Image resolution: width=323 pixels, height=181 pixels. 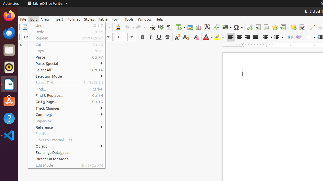 What do you see at coordinates (66, 165) in the screenshot?
I see `'Edit Mode'` at bounding box center [66, 165].